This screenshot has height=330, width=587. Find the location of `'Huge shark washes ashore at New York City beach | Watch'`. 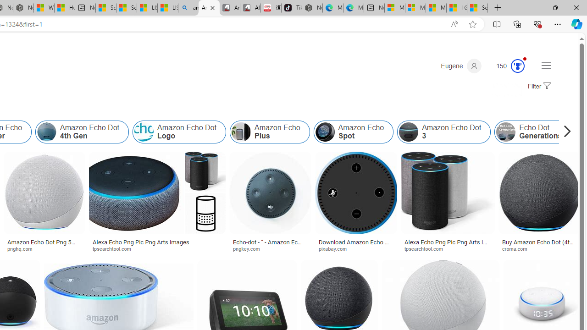

'Huge shark washes ashore at New York City beach | Watch' is located at coordinates (64, 8).